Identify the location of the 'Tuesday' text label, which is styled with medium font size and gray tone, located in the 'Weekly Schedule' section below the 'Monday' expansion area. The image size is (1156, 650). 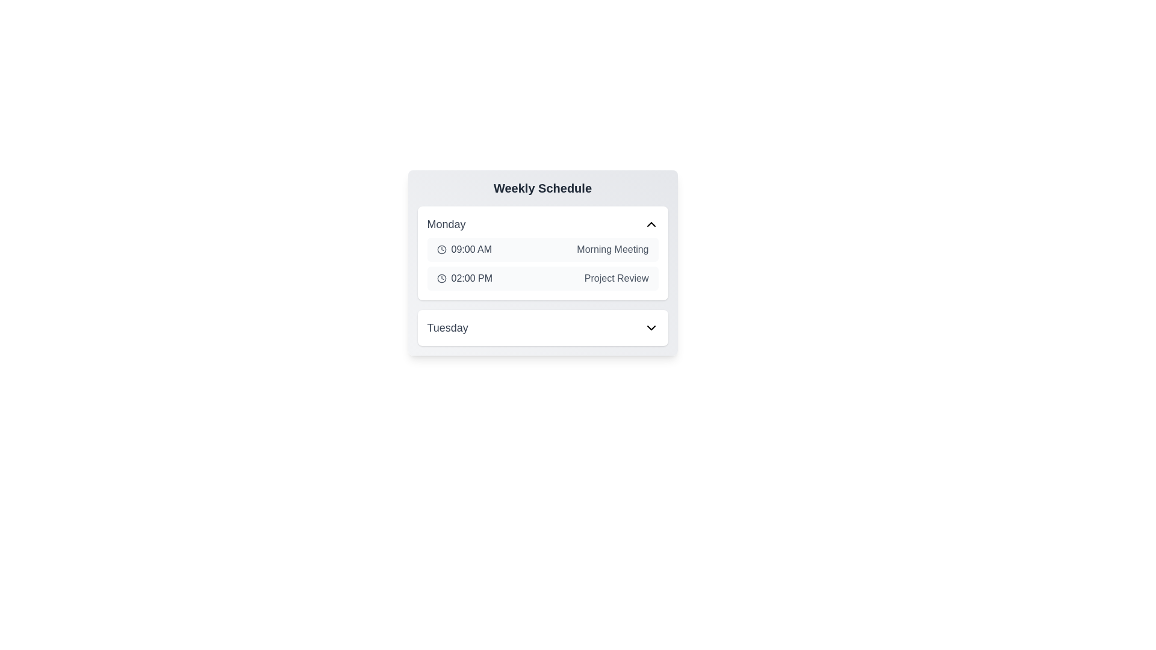
(447, 327).